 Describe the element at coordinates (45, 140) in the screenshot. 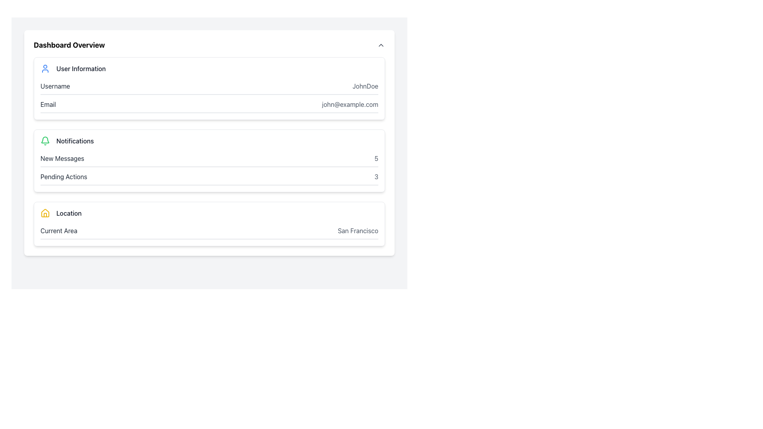

I see `the bell-shaped notification icon outlined with a green stroke located in the 'Notifications' section of the dashboard` at that location.